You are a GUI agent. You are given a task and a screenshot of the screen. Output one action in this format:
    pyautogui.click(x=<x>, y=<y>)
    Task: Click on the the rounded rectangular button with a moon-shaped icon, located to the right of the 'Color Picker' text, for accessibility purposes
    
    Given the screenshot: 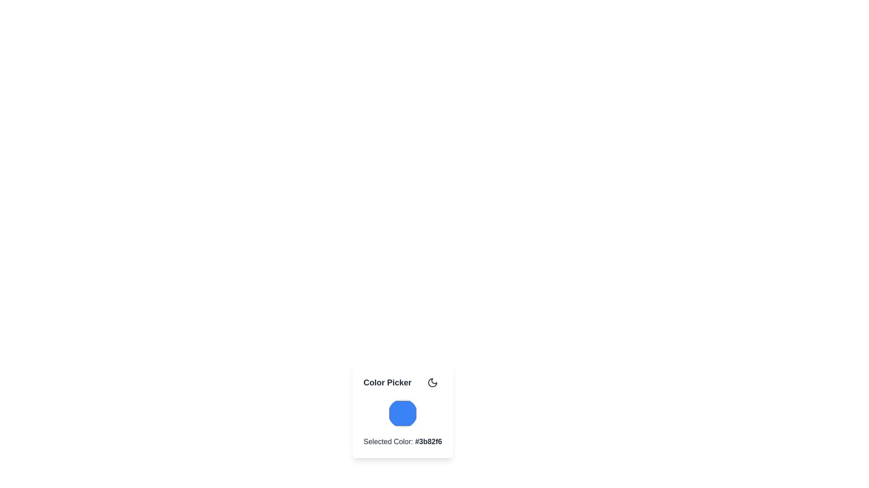 What is the action you would take?
    pyautogui.click(x=432, y=382)
    